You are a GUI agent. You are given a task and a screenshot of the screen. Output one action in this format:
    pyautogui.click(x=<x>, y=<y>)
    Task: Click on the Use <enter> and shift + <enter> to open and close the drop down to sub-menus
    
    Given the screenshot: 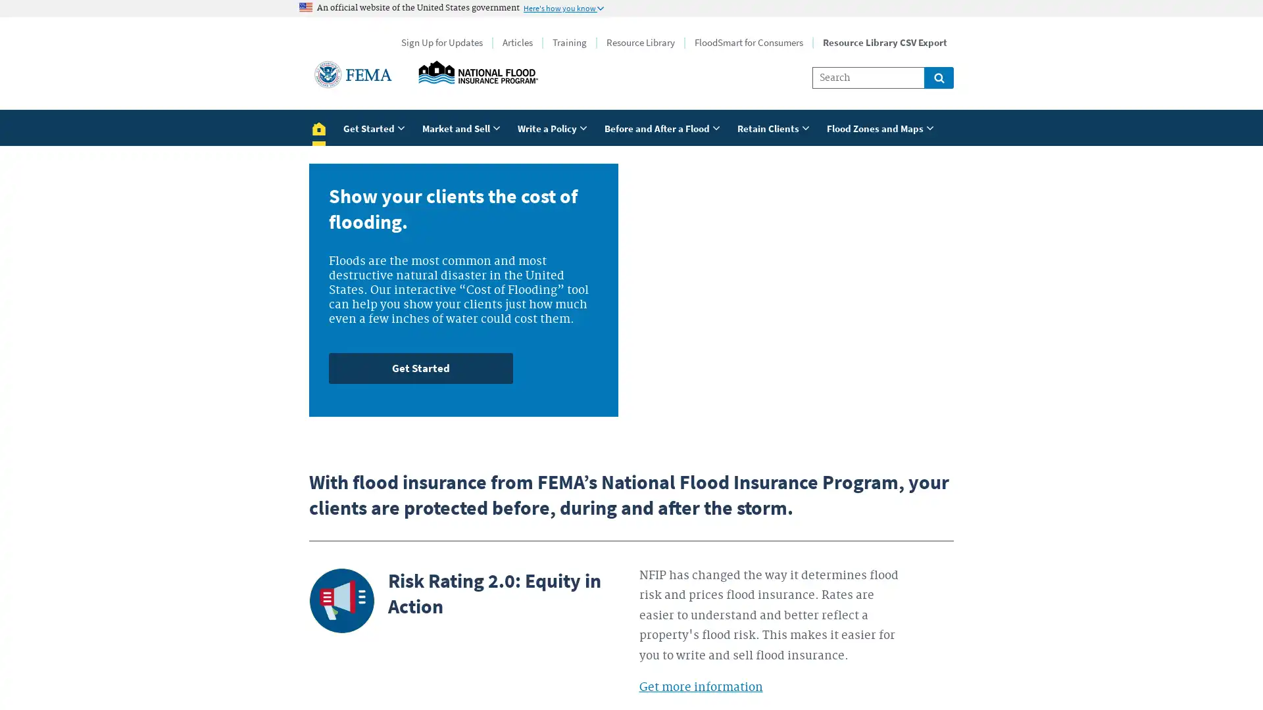 What is the action you would take?
    pyautogui.click(x=776, y=127)
    